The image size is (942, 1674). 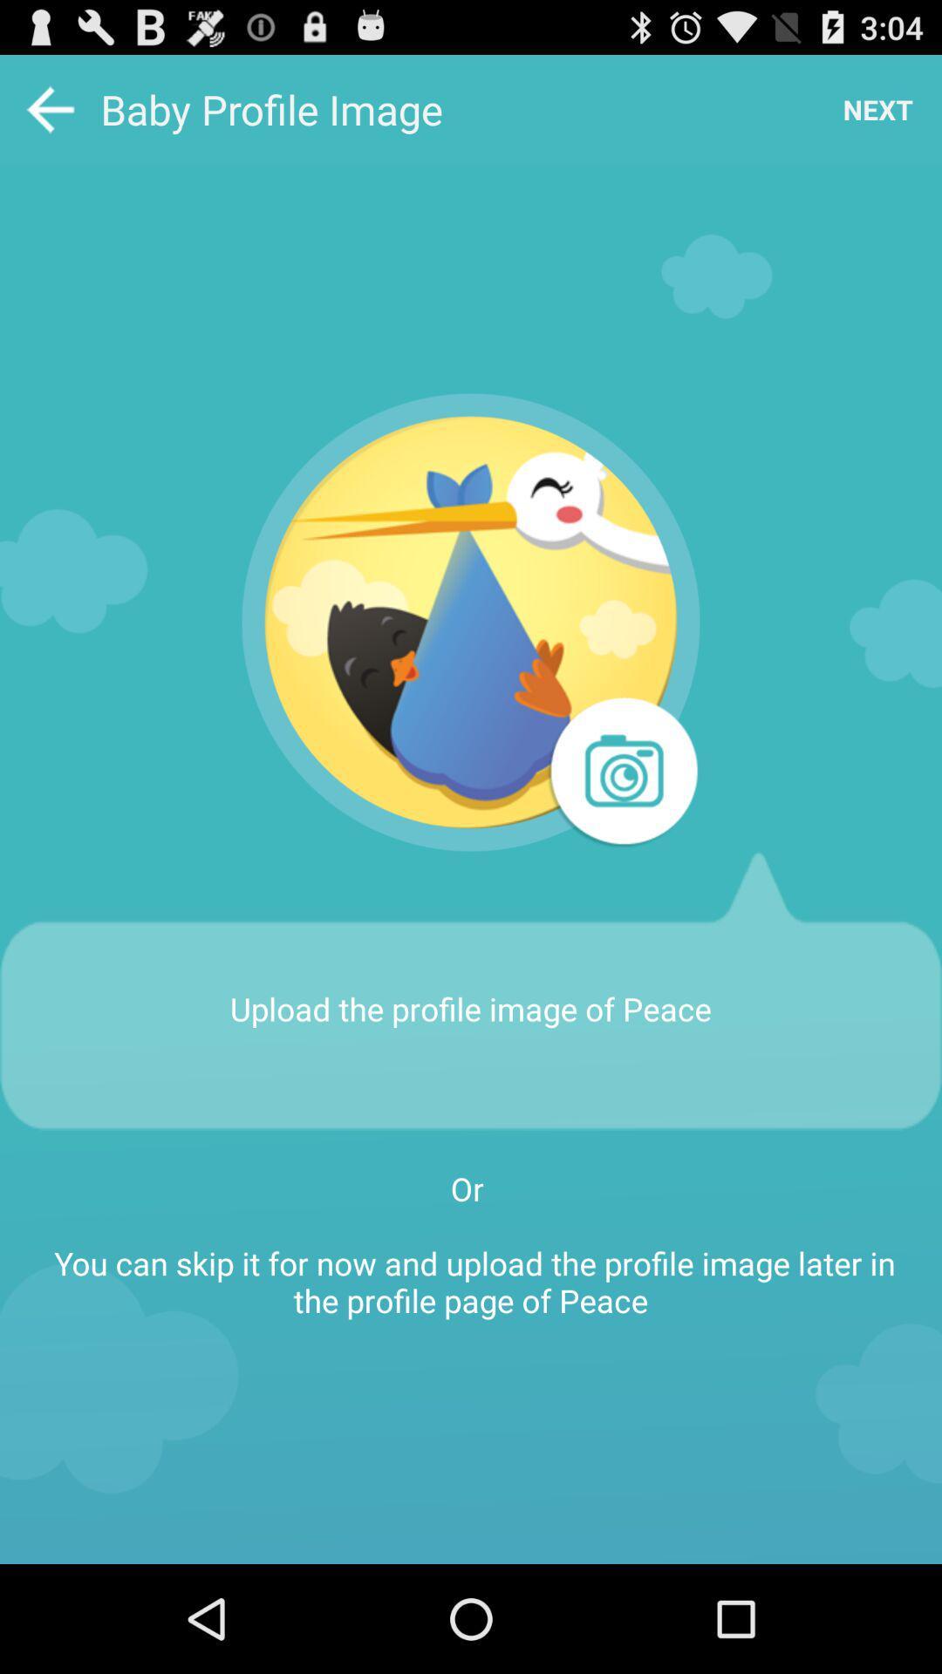 What do you see at coordinates (877, 108) in the screenshot?
I see `the item next to the baby profile image` at bounding box center [877, 108].